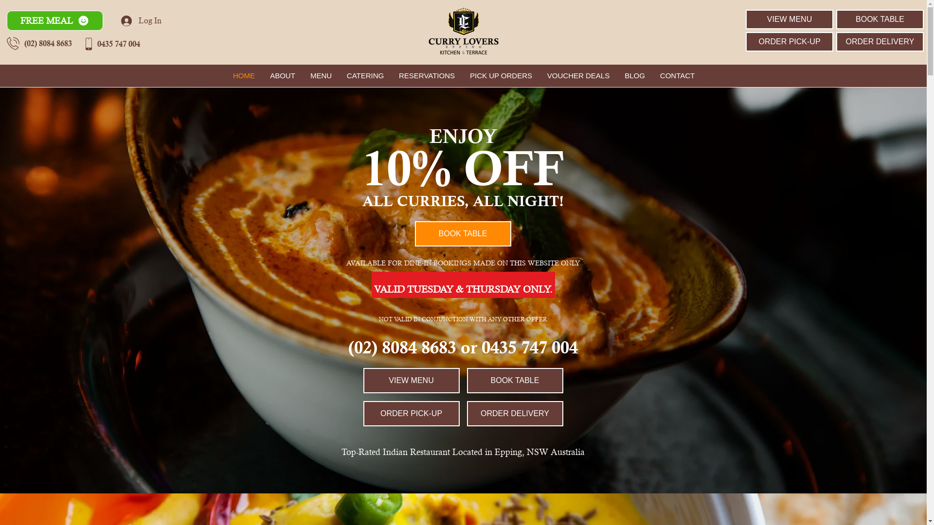  I want to click on 'BLOG', so click(634, 75).